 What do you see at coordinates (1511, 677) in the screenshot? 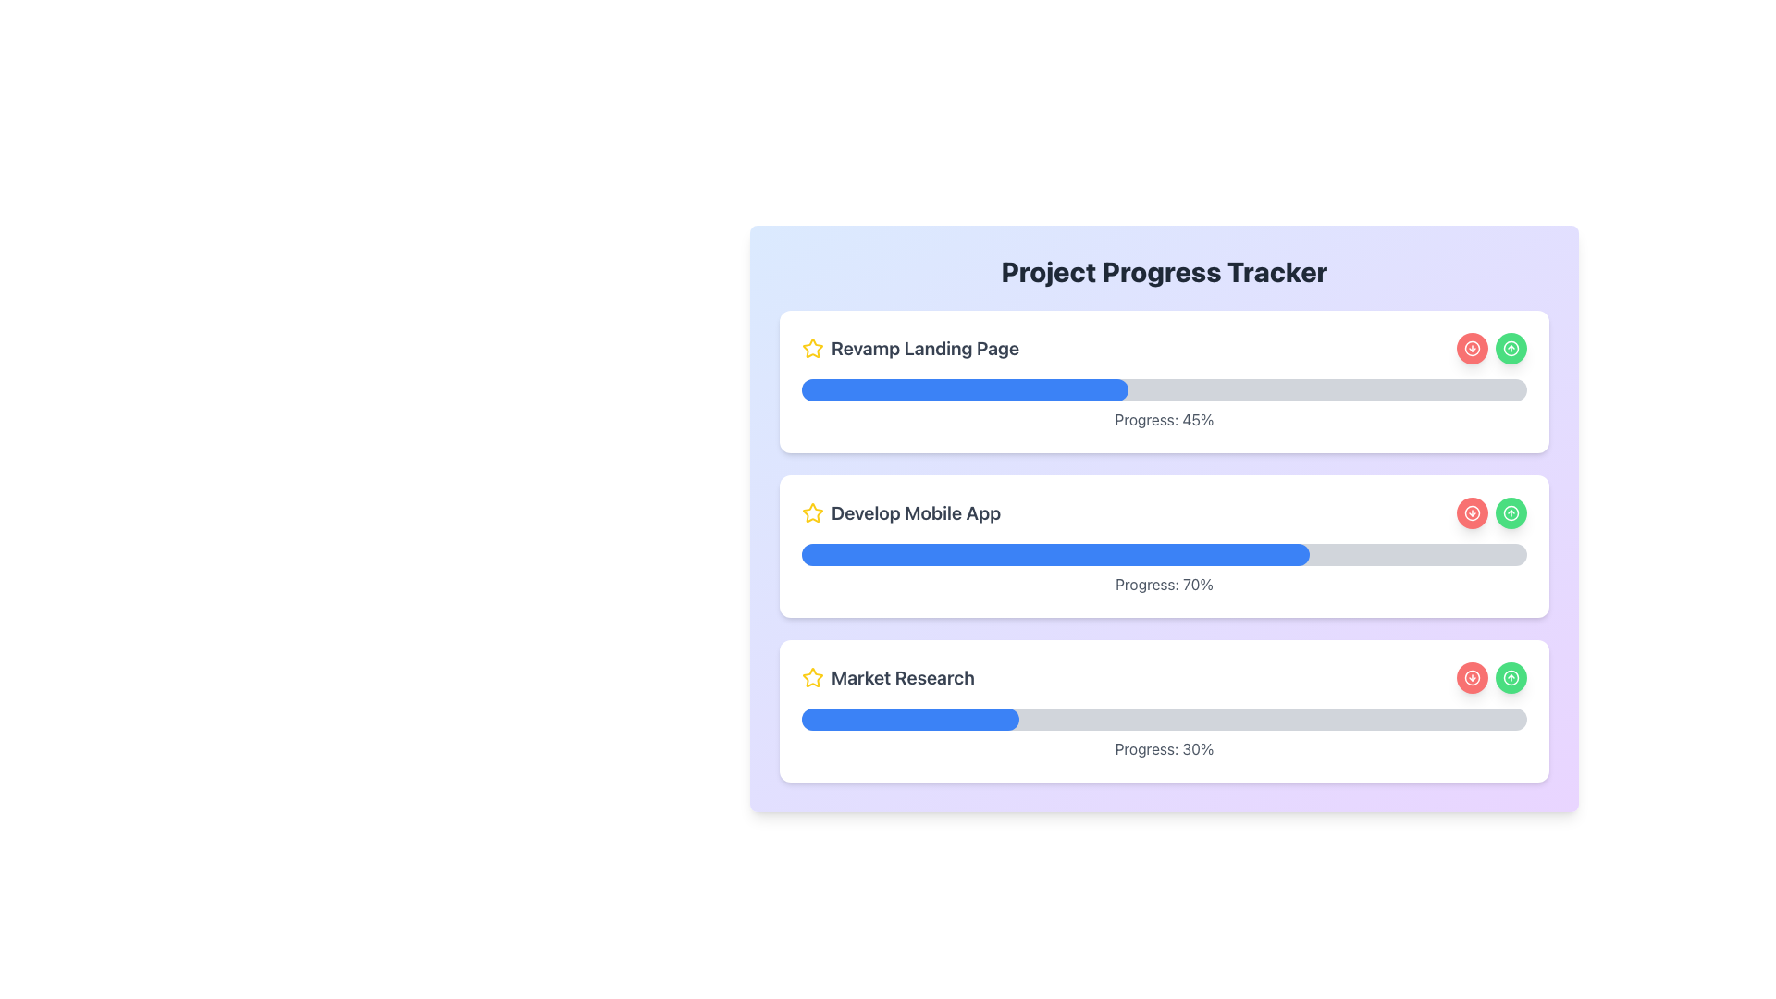
I see `the interactive button located in the bottom-right corner of the 'Market Research' progress card` at bounding box center [1511, 677].